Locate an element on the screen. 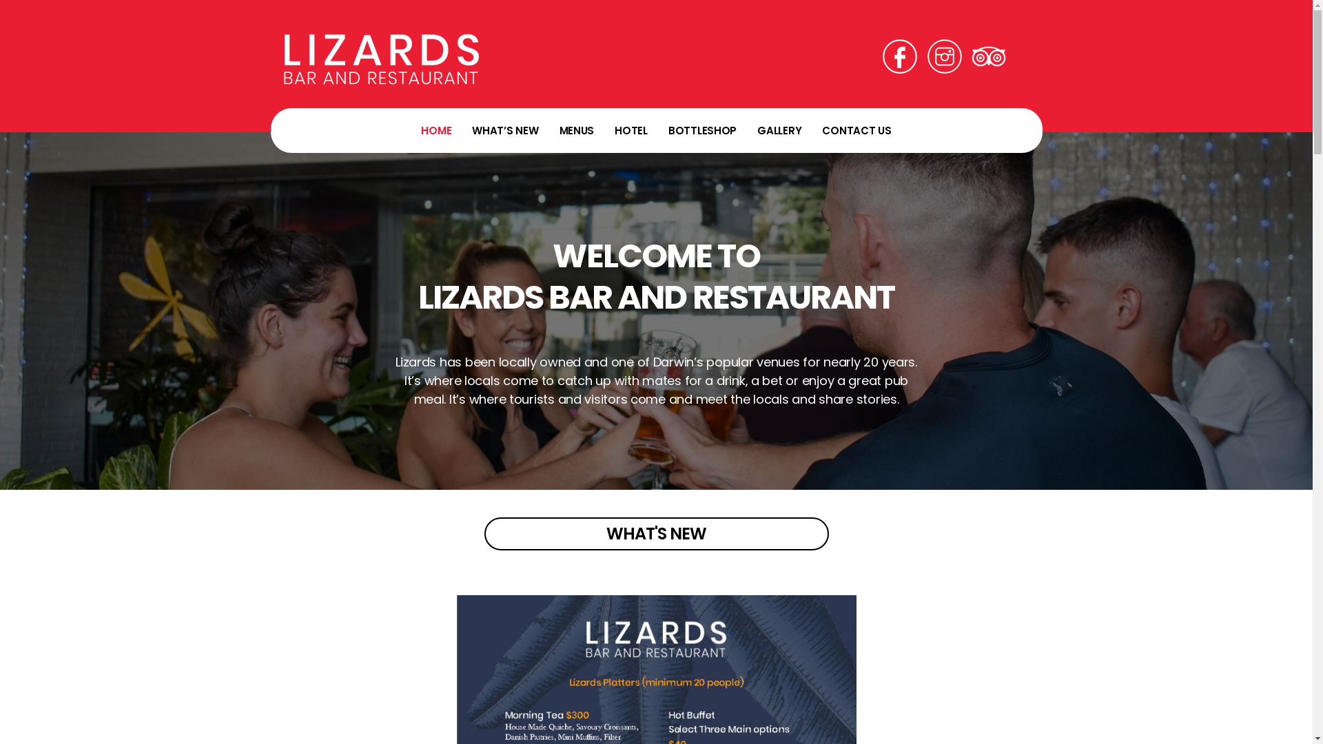  'CONTACT US' is located at coordinates (856, 130).